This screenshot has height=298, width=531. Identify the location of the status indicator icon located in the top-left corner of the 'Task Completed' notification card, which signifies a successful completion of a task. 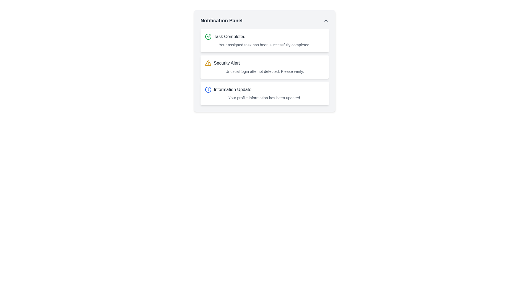
(208, 36).